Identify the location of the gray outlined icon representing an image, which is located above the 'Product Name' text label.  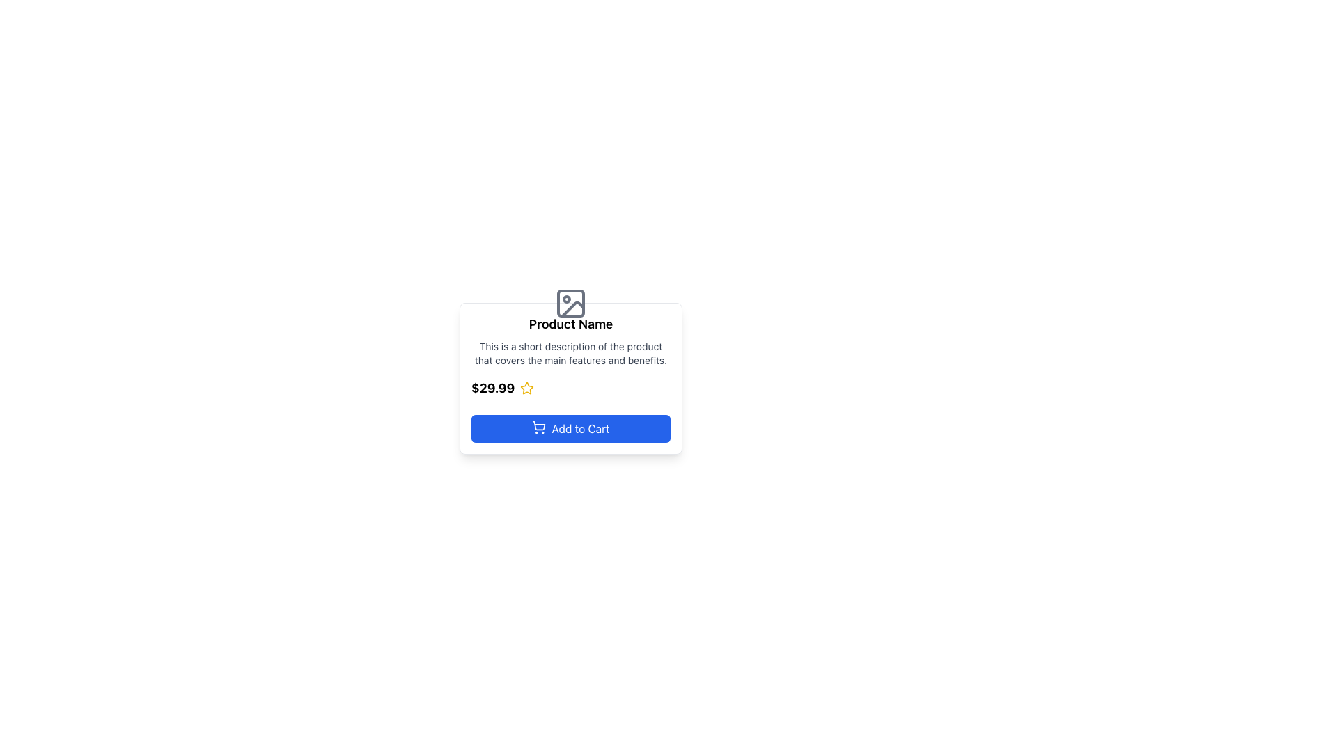
(571, 302).